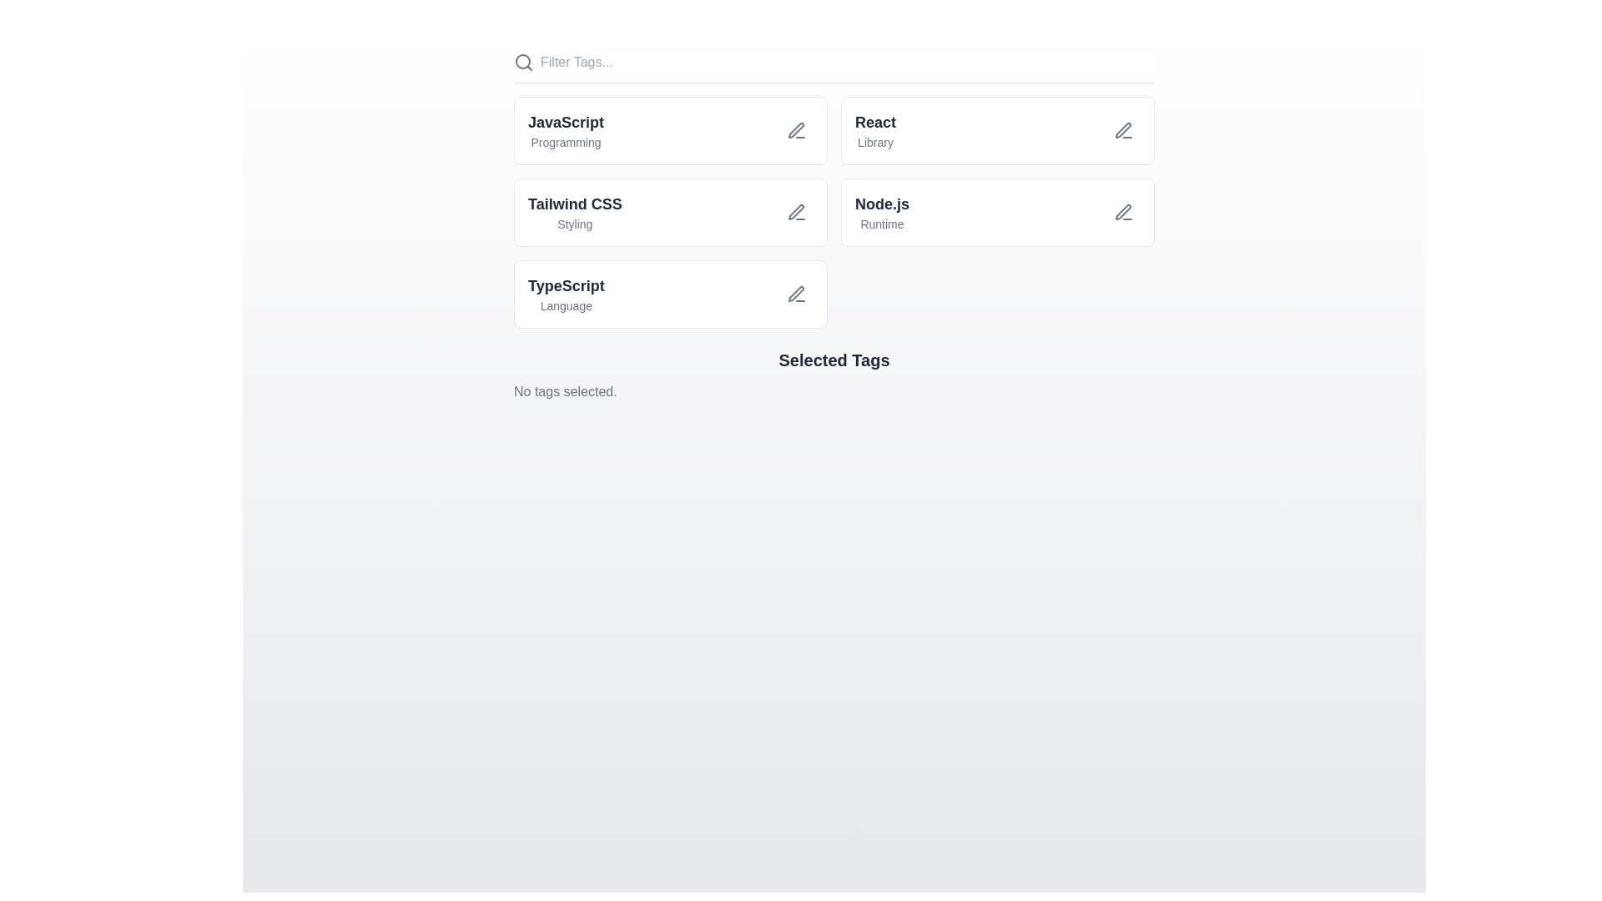 This screenshot has width=1602, height=901. I want to click on the pen icon button located in the top-right corner of the 'Tailwind CSS' card to initiate an action, so click(796, 211).